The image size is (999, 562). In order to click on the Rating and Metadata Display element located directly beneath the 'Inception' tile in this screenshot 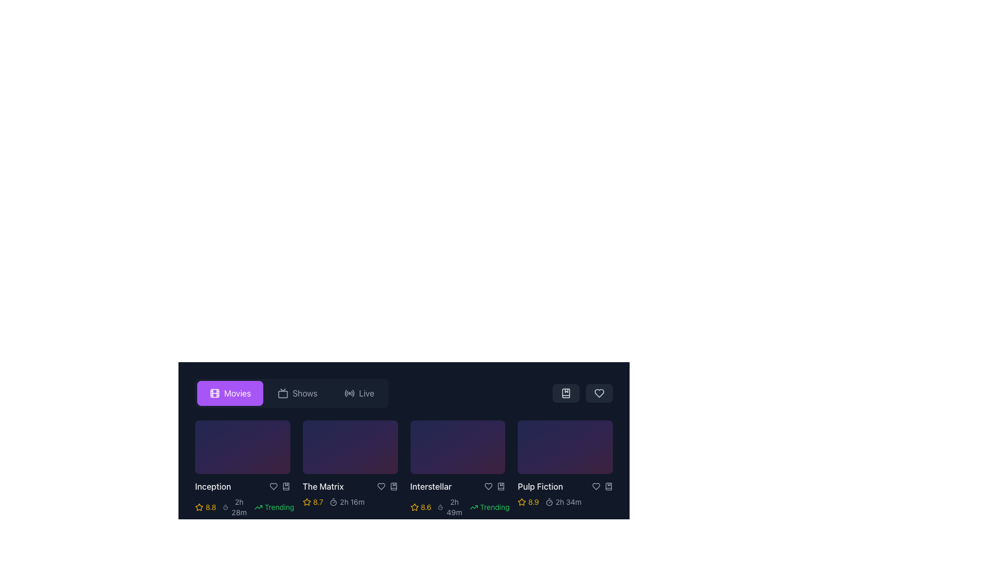, I will do `click(242, 506)`.